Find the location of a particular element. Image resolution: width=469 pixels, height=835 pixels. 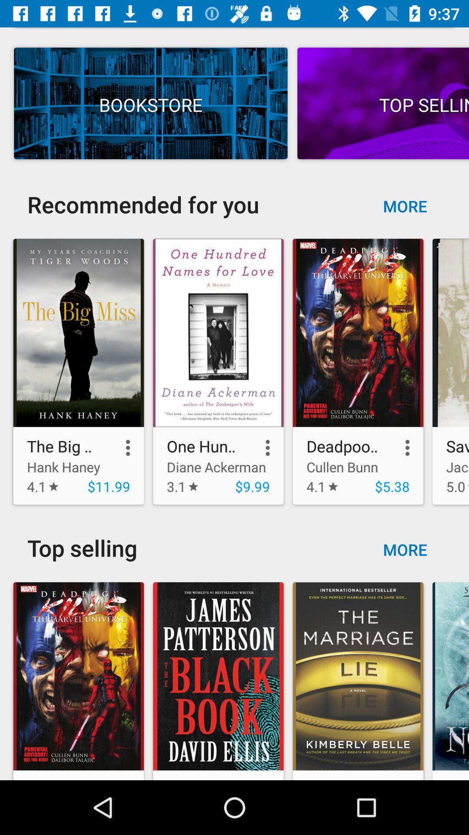

book one hundred names for love is located at coordinates (218, 332).